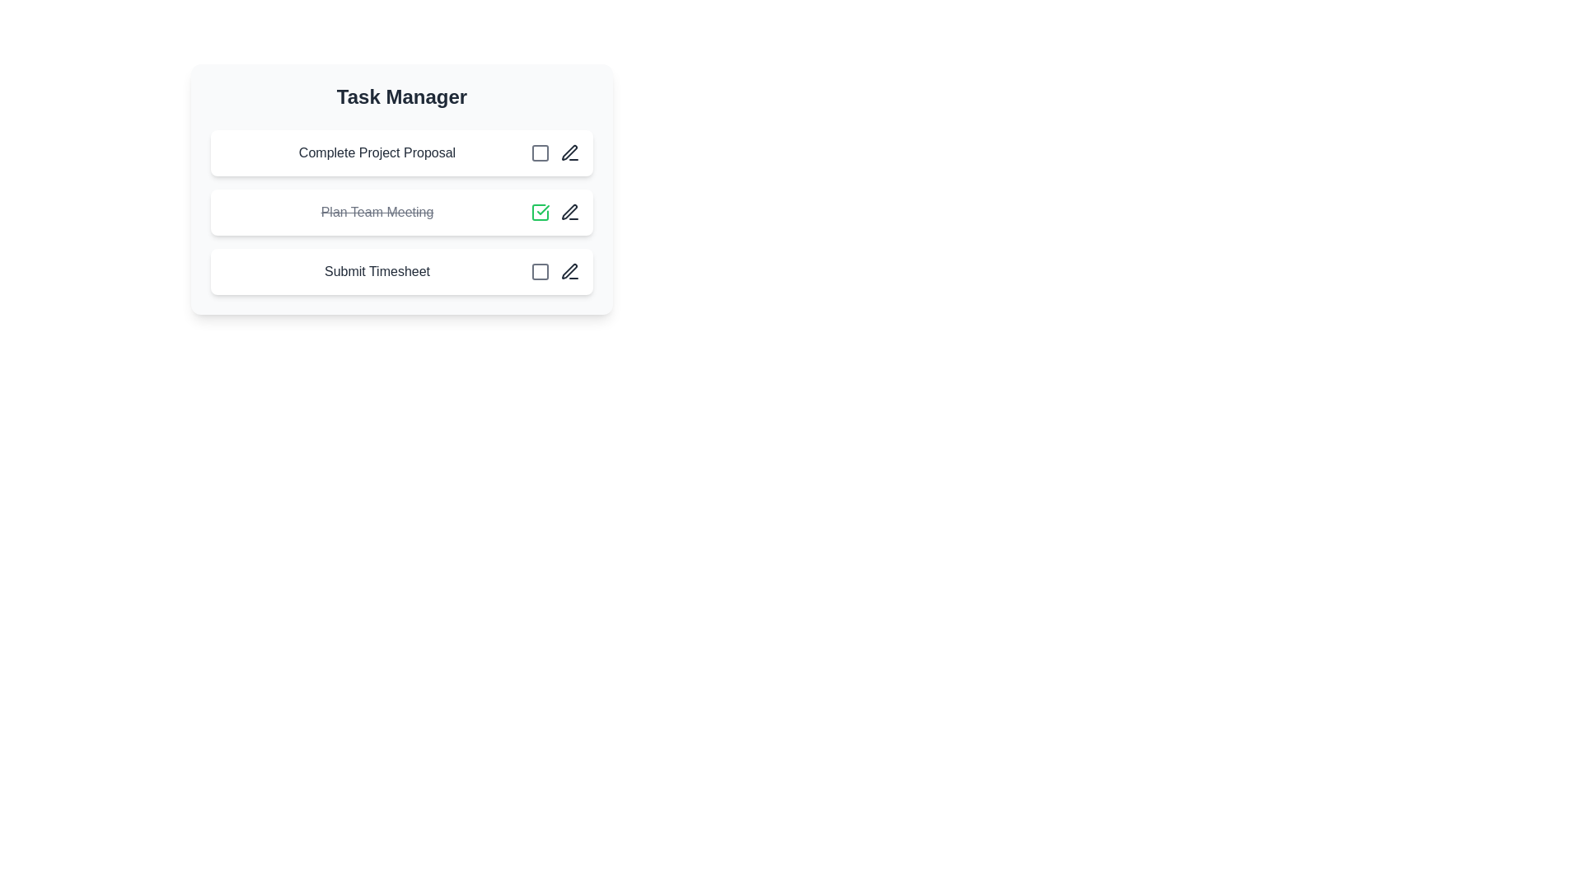 Image resolution: width=1582 pixels, height=890 pixels. Describe the element at coordinates (541, 152) in the screenshot. I see `the first action-related icon to the right of the 'Complete Project Proposal' task` at that location.